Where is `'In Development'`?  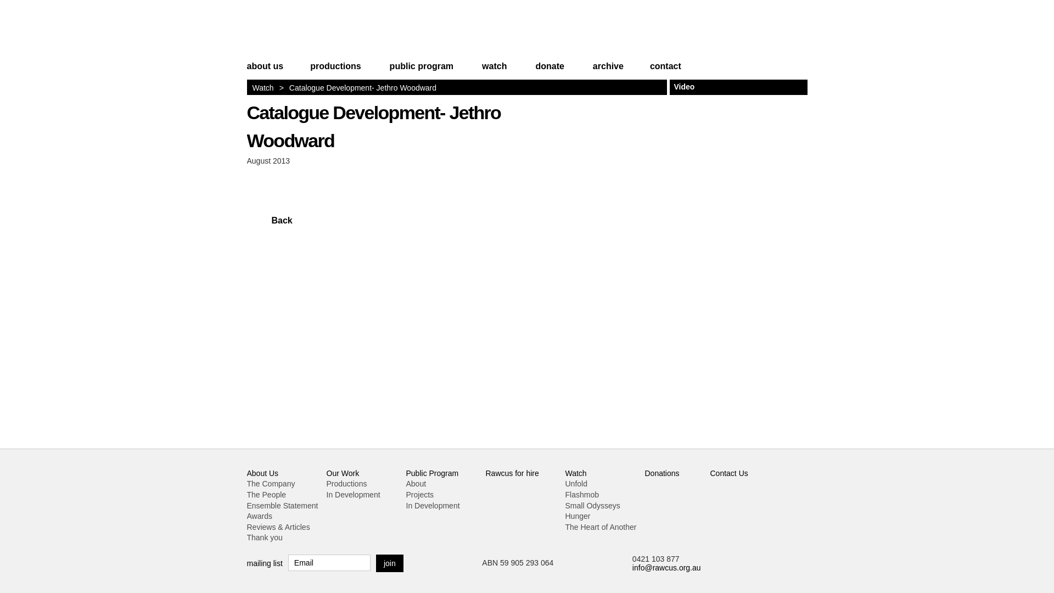 'In Development' is located at coordinates (432, 506).